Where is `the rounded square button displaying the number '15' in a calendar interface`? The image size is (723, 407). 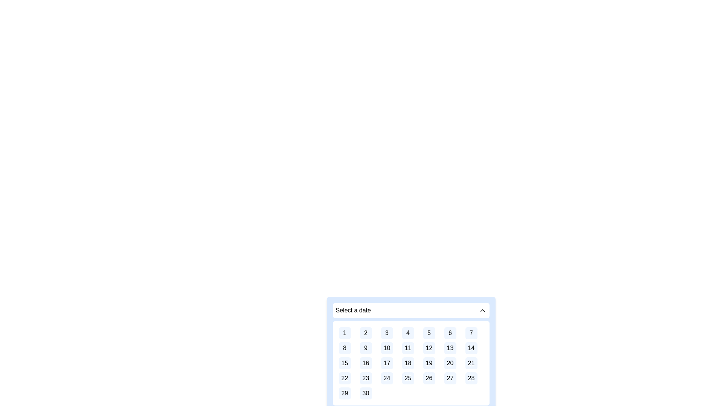 the rounded square button displaying the number '15' in a calendar interface is located at coordinates (344, 363).